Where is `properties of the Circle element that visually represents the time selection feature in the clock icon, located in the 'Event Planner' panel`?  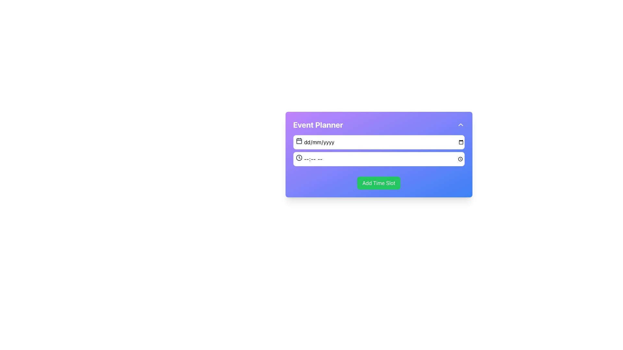
properties of the Circle element that visually represents the time selection feature in the clock icon, located in the 'Event Planner' panel is located at coordinates (299, 157).